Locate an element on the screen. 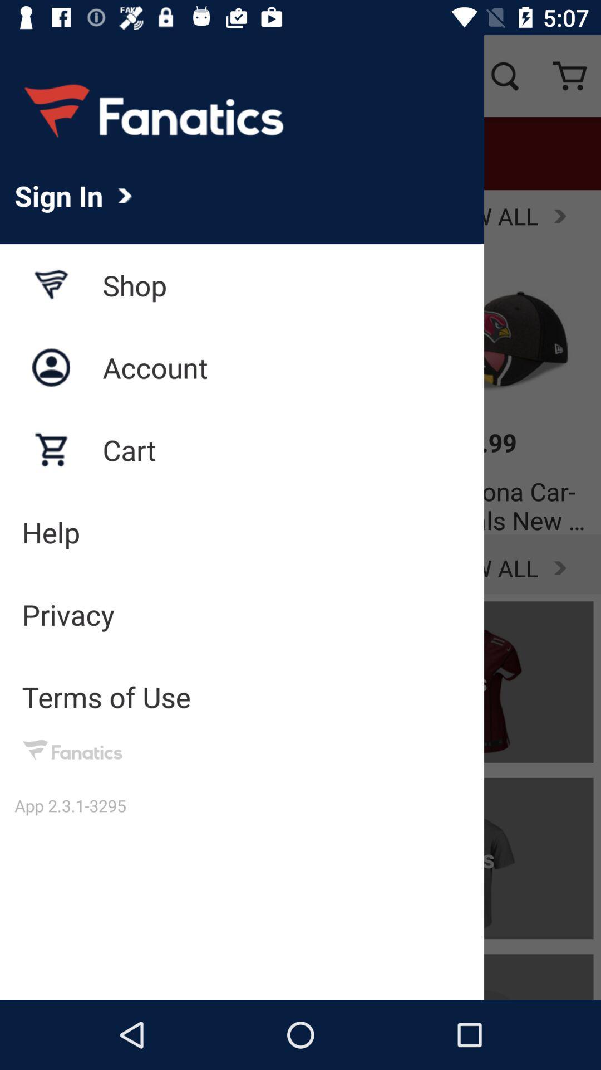 This screenshot has width=601, height=1070. the search icon at top right corner of the page is located at coordinates (504, 76).